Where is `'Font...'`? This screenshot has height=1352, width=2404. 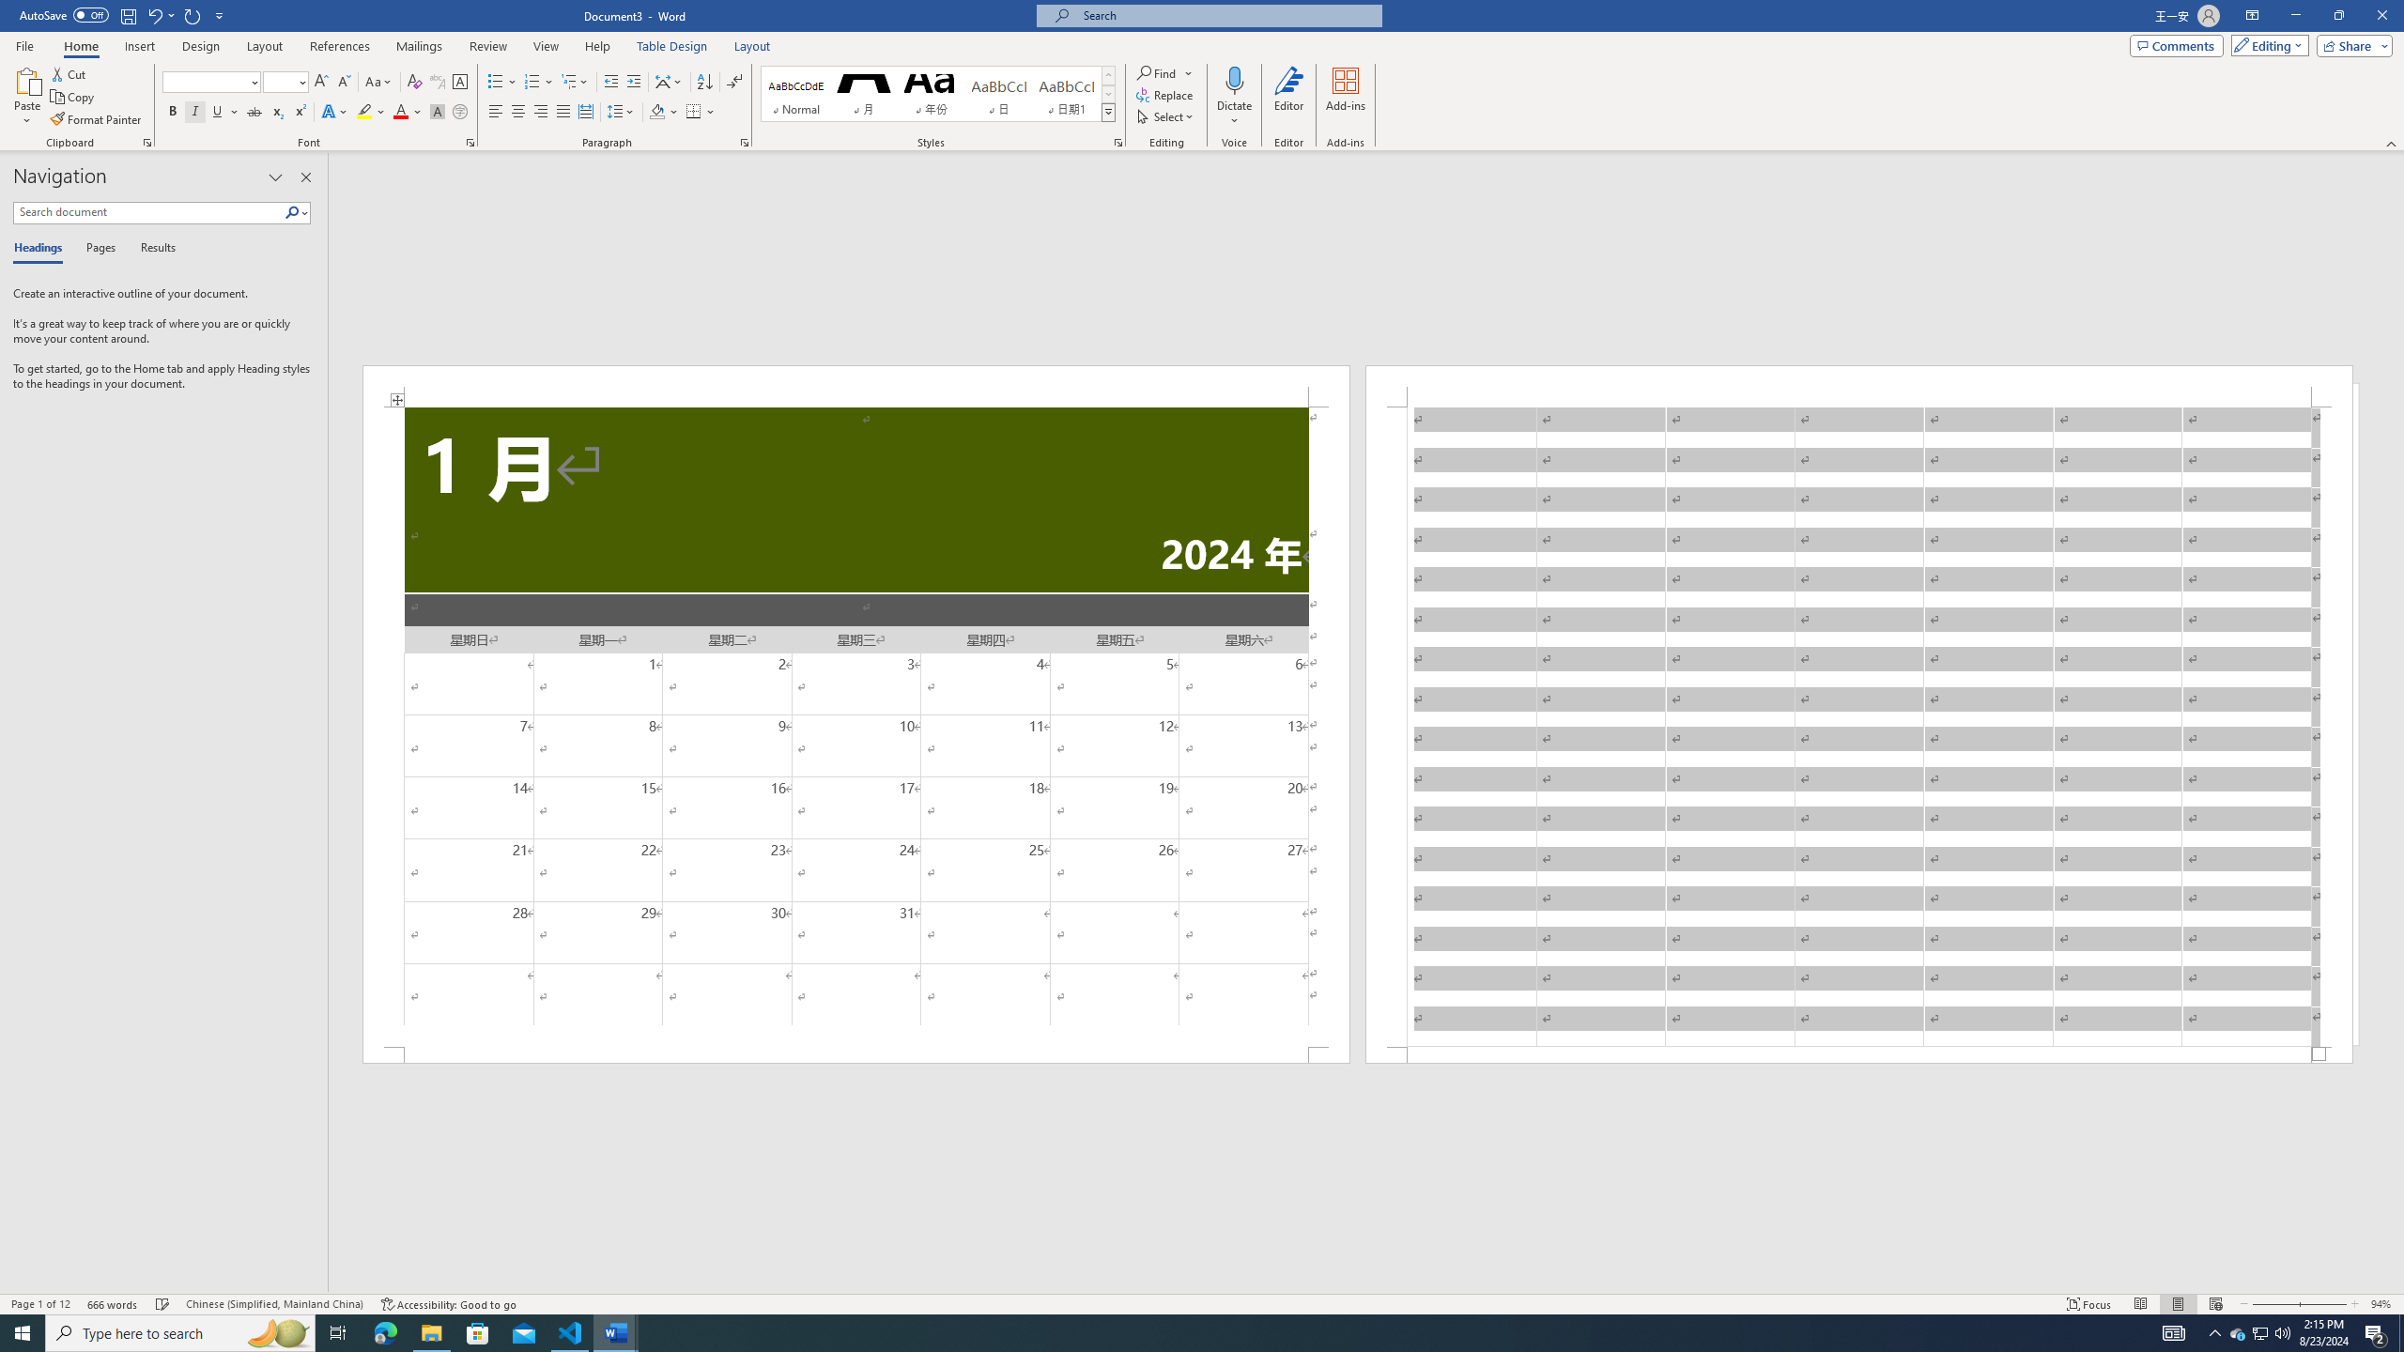
'Font...' is located at coordinates (470, 141).